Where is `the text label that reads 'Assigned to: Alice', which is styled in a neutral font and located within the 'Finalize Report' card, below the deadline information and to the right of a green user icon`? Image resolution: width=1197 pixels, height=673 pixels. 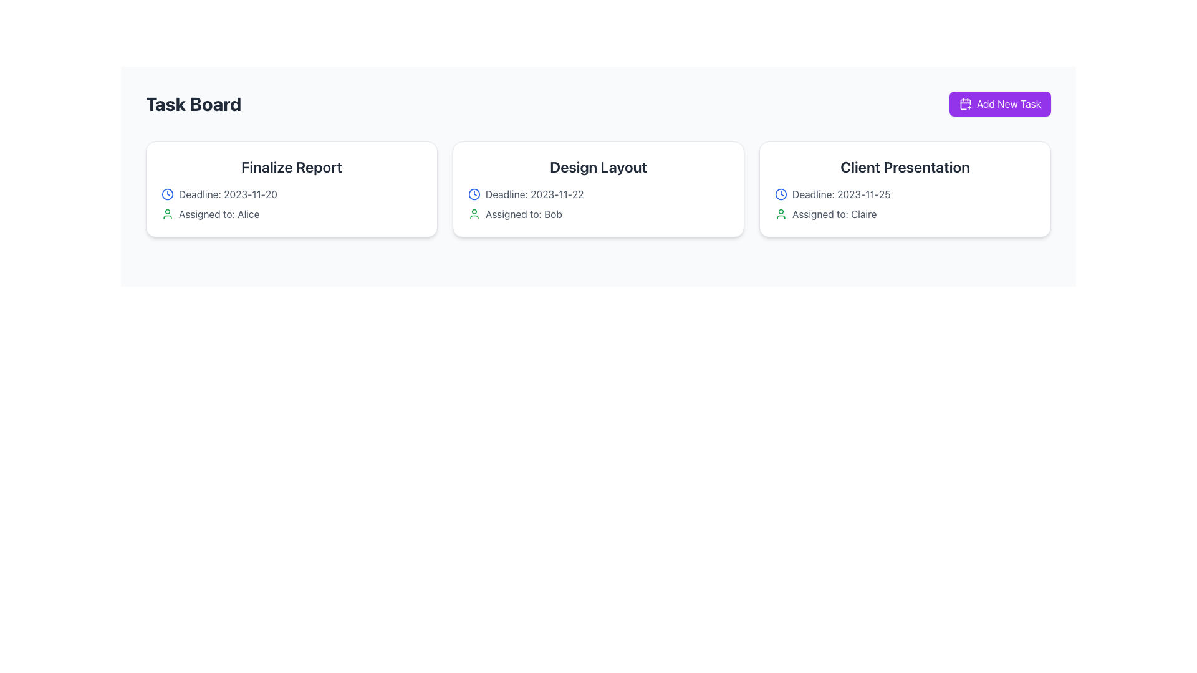
the text label that reads 'Assigned to: Alice', which is styled in a neutral font and located within the 'Finalize Report' card, below the deadline information and to the right of a green user icon is located at coordinates (219, 213).